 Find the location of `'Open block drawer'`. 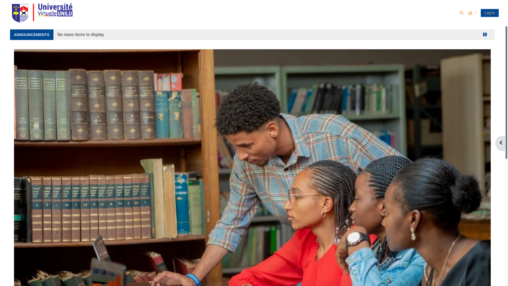

'Open block drawer' is located at coordinates (500, 143).